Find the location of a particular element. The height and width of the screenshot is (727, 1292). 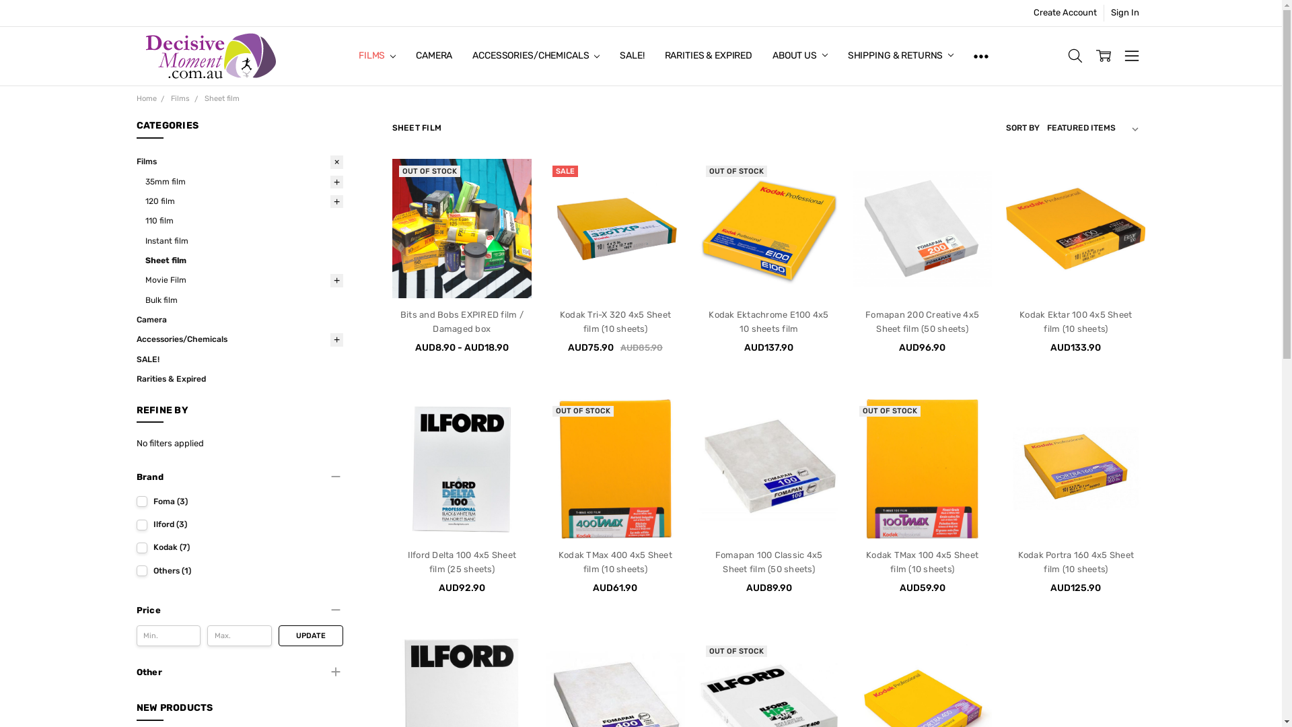

'ABOUT US' is located at coordinates (762, 55).